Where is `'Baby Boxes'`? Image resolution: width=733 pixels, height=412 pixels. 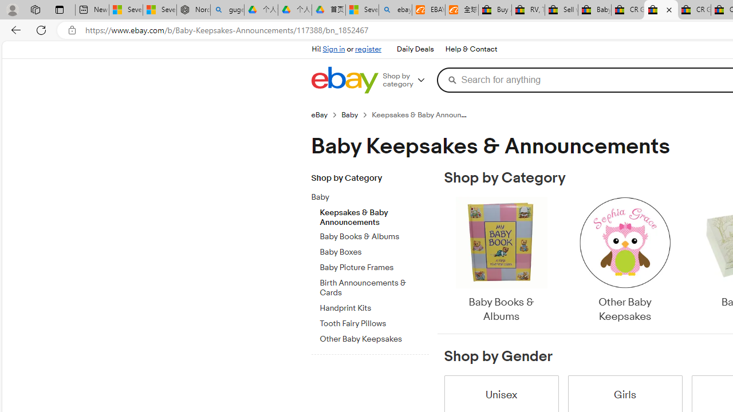 'Baby Boxes' is located at coordinates (374, 252).